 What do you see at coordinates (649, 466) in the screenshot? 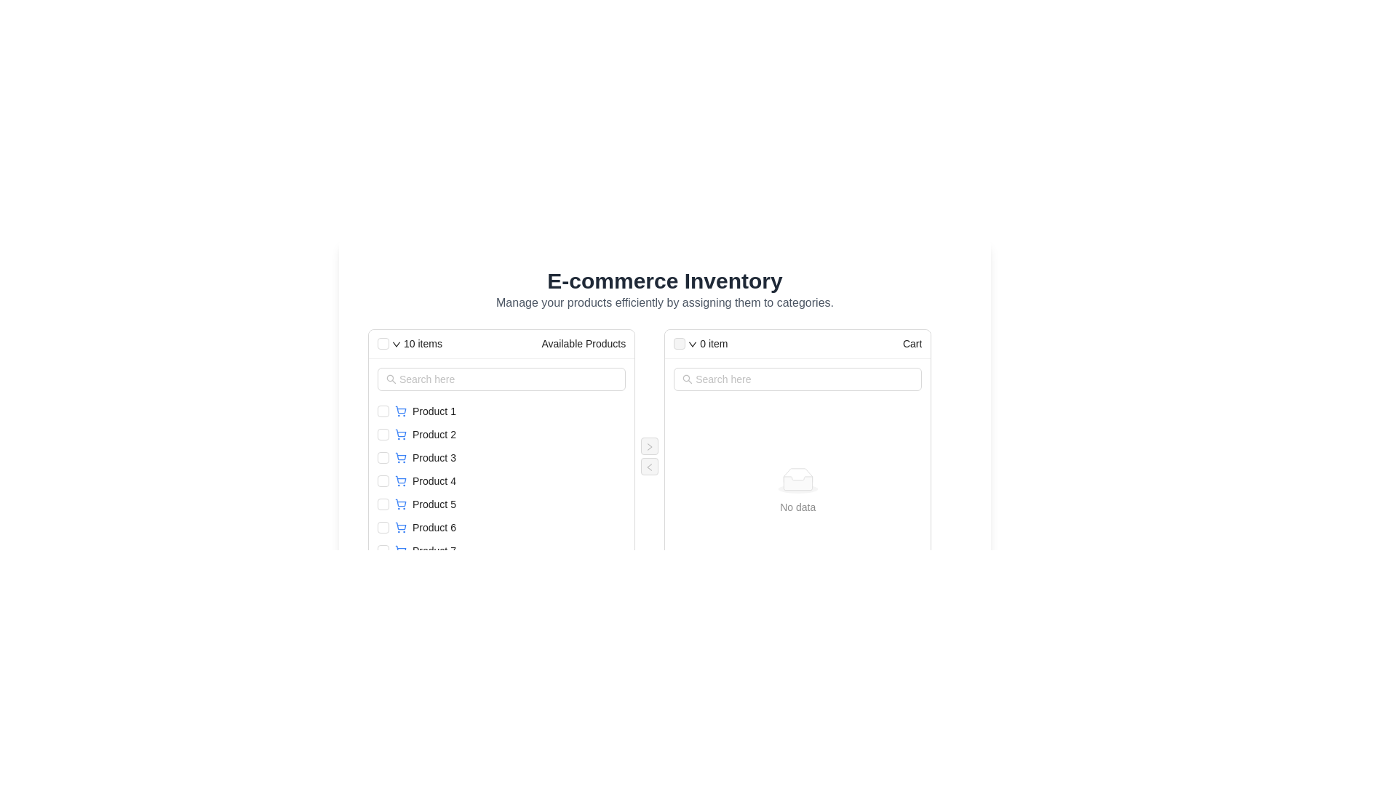
I see `the transfer button located below the right arrow button to transfer items from the Cart back to the Available Products list` at bounding box center [649, 466].